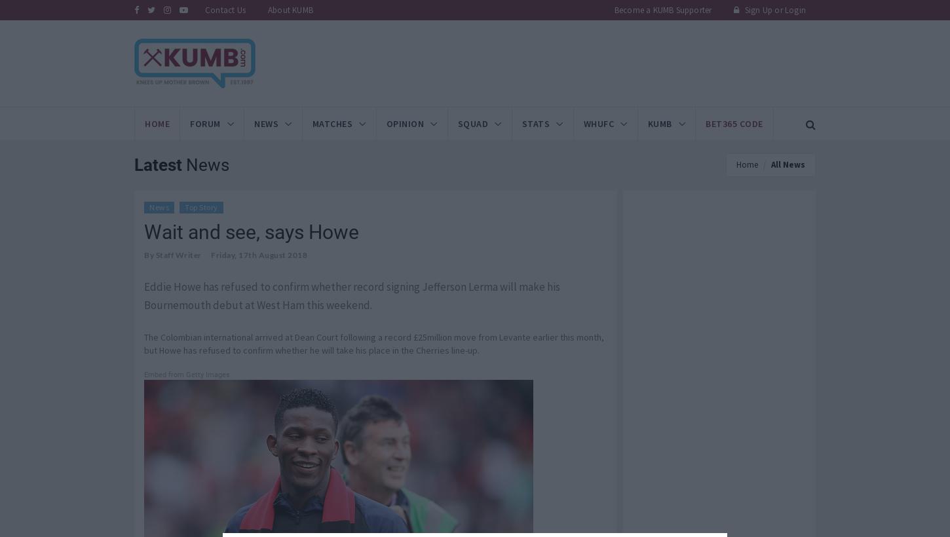 This screenshot has height=537, width=950. I want to click on 'Login', so click(794, 9).